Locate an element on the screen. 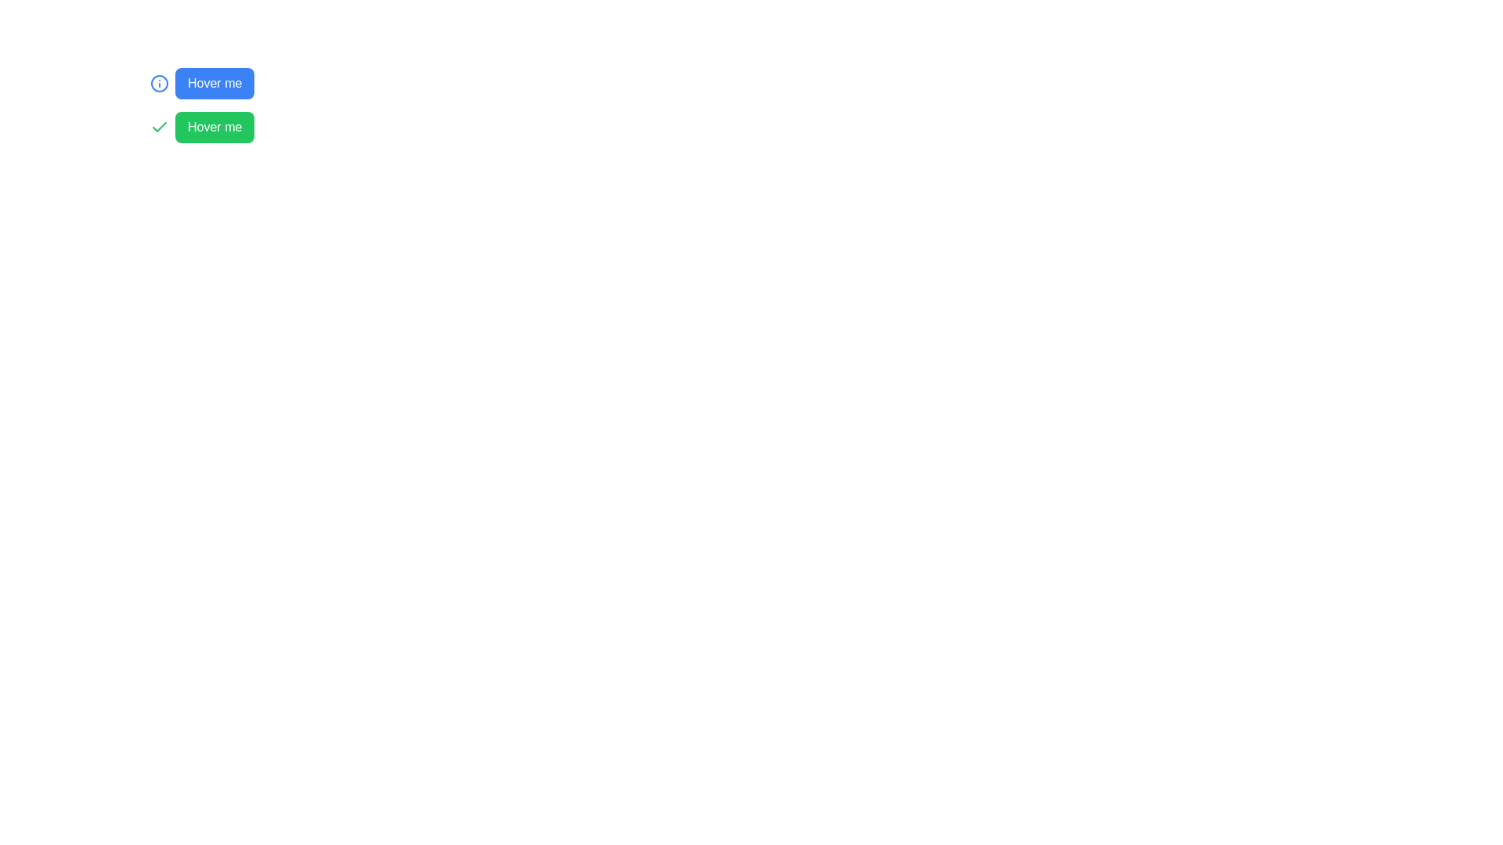 This screenshot has width=1503, height=845. the circular SVG element with a blue border and white fill, which is the primary part of an information icon is located at coordinates (159, 84).